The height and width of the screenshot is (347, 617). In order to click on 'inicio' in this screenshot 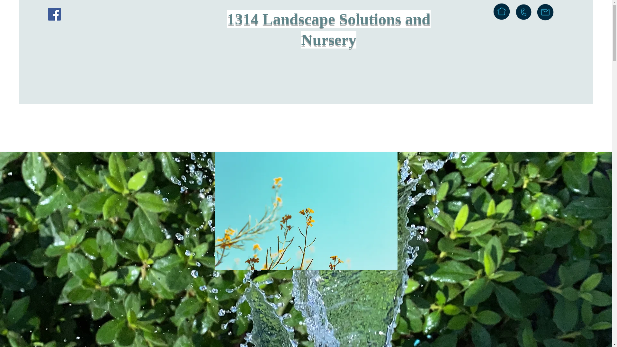, I will do `click(501, 11)`.